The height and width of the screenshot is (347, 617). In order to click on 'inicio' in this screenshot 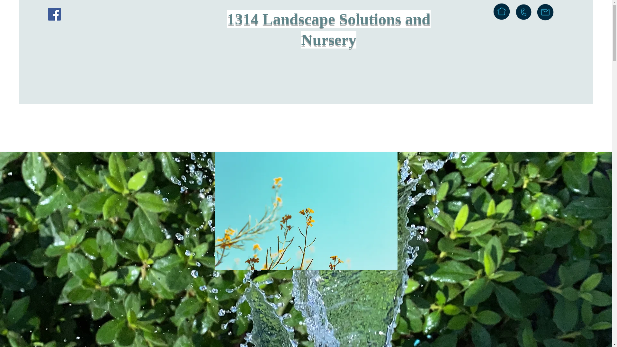, I will do `click(501, 11)`.